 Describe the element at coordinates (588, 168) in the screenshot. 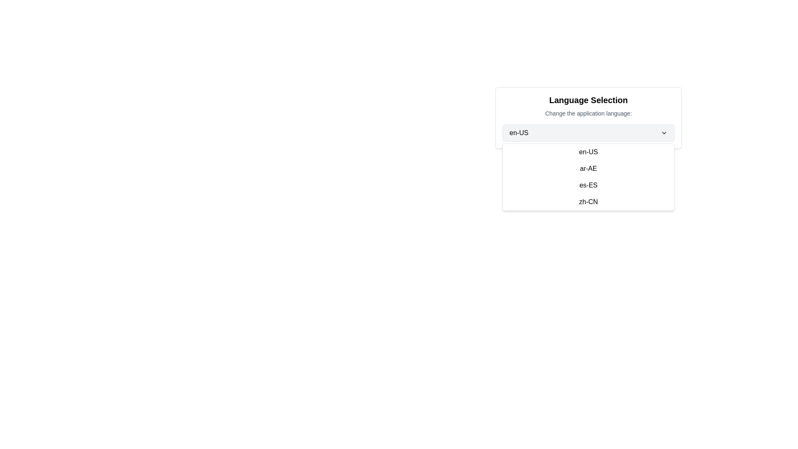

I see `the dropdown menu item labeled 'ar-AE'` at that location.